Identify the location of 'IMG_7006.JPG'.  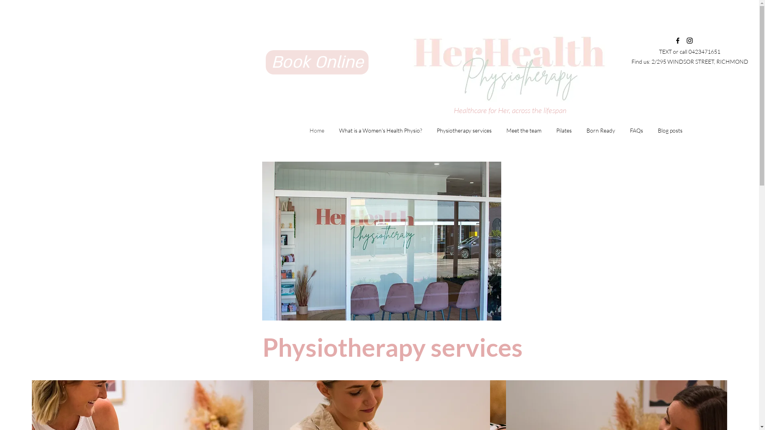
(381, 240).